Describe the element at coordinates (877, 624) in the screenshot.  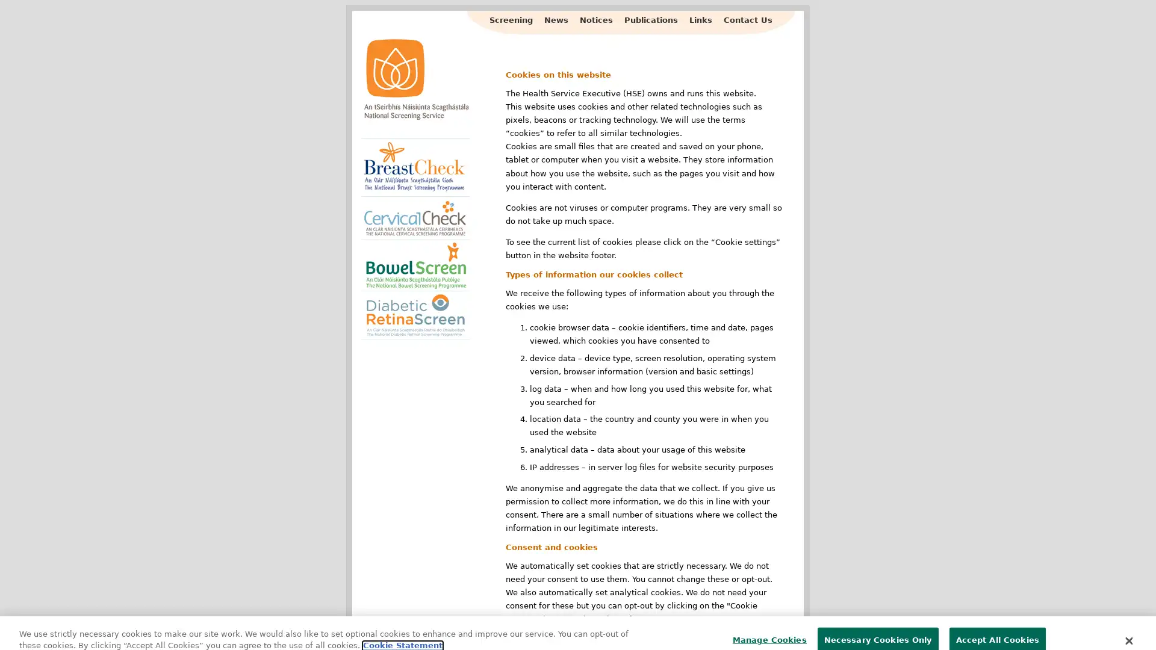
I see `Necessary Cookies Only` at that location.